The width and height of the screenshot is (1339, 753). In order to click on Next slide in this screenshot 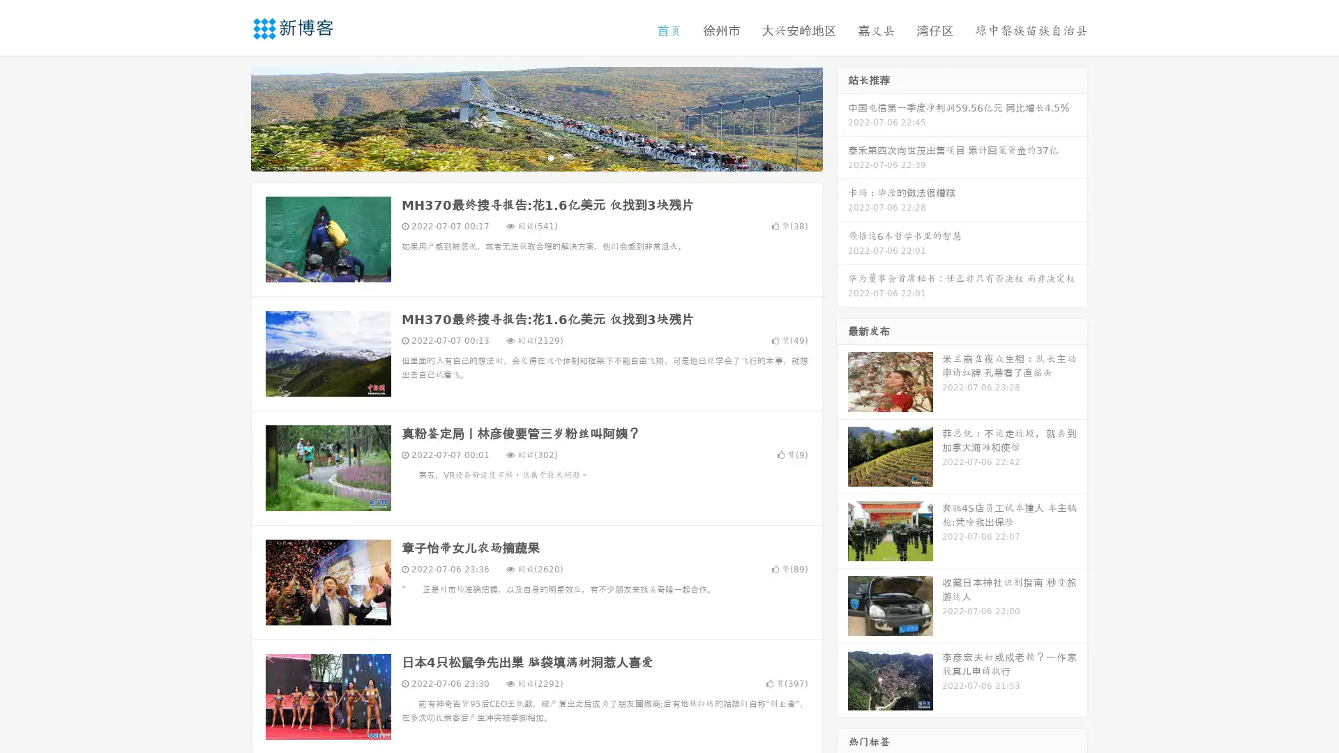, I will do `click(842, 117)`.